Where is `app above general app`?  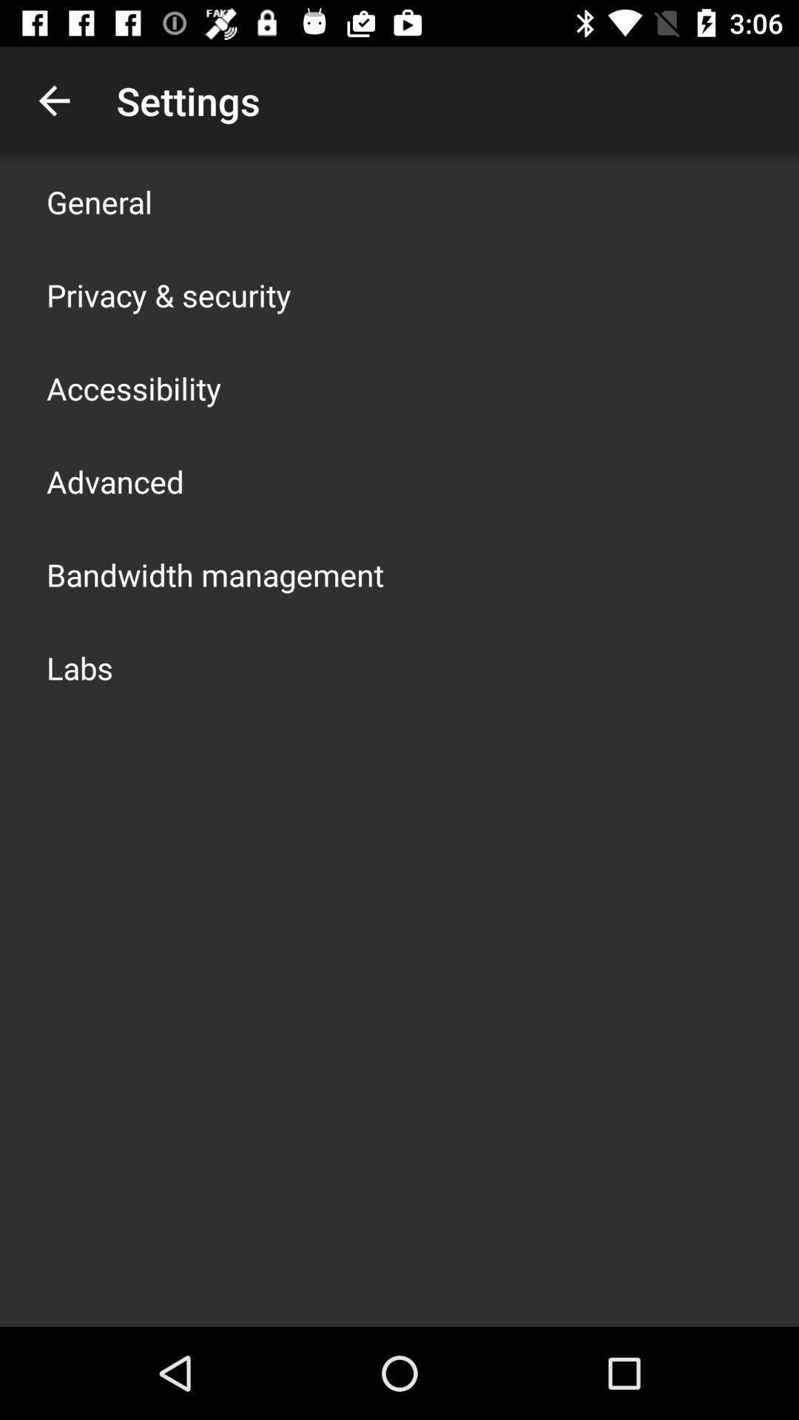
app above general app is located at coordinates (53, 100).